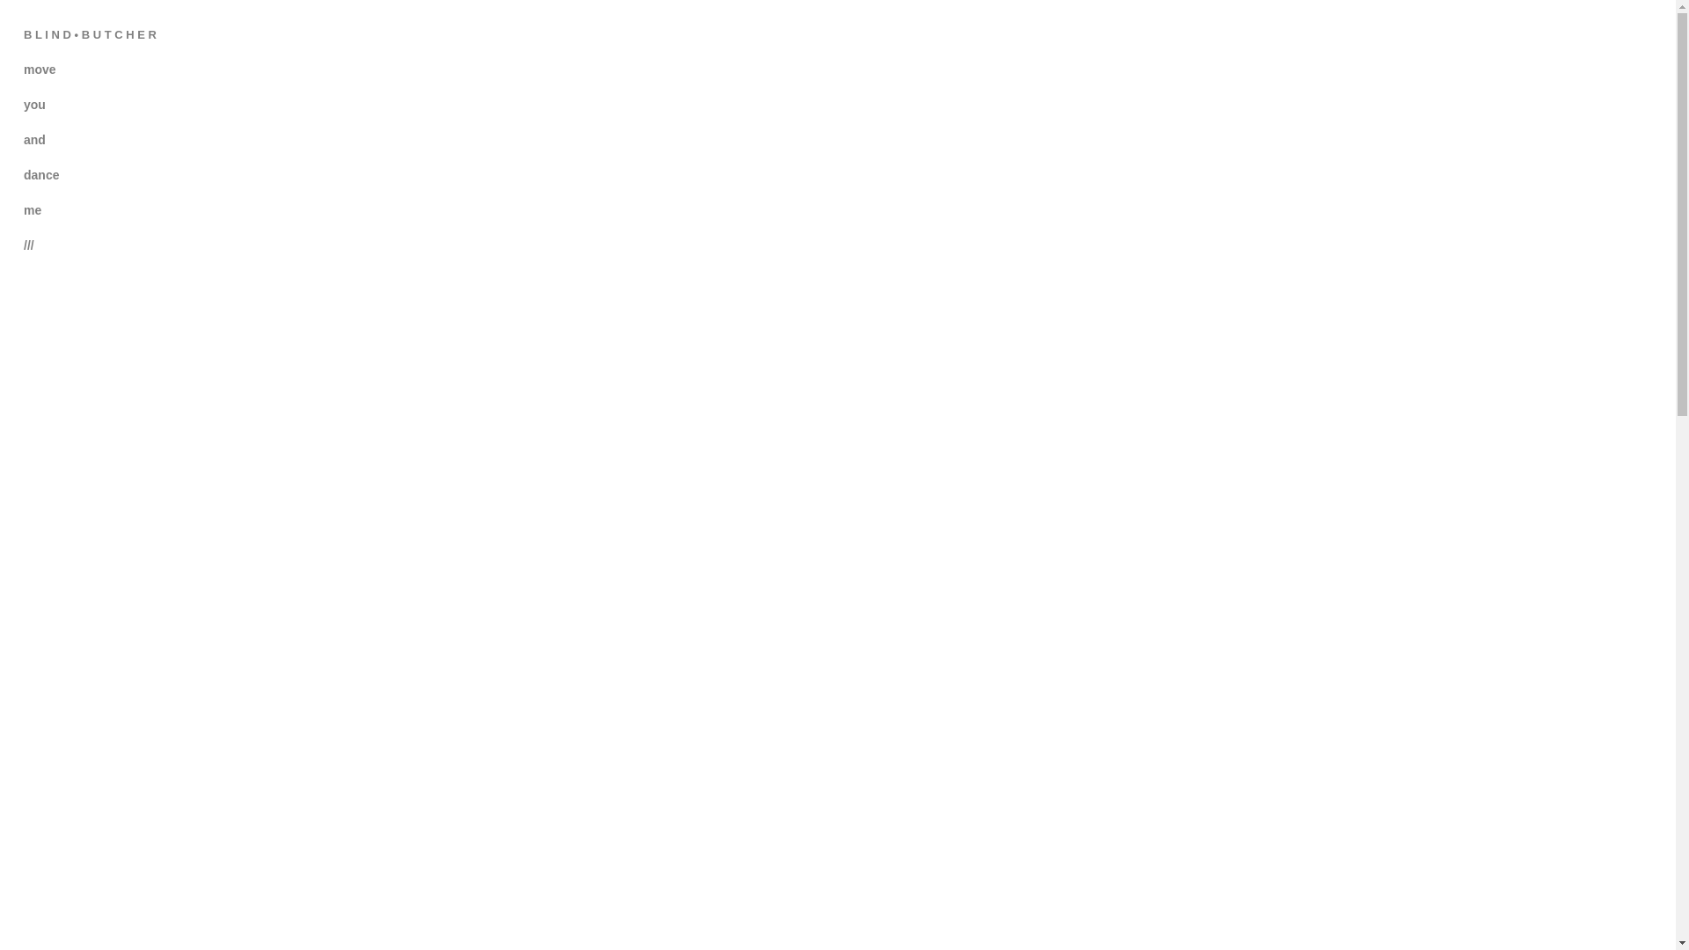 The width and height of the screenshot is (1689, 950). What do you see at coordinates (33, 209) in the screenshot?
I see `'me'` at bounding box center [33, 209].